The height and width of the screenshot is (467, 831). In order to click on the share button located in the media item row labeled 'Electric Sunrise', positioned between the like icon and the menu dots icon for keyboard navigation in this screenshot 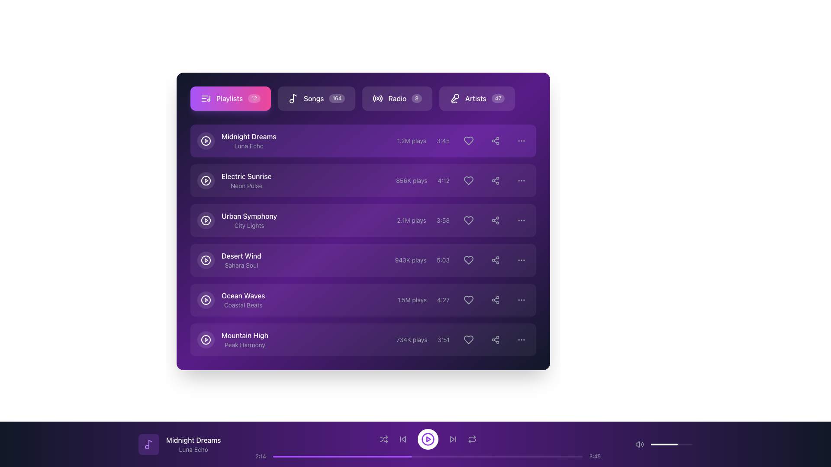, I will do `click(496, 180)`.